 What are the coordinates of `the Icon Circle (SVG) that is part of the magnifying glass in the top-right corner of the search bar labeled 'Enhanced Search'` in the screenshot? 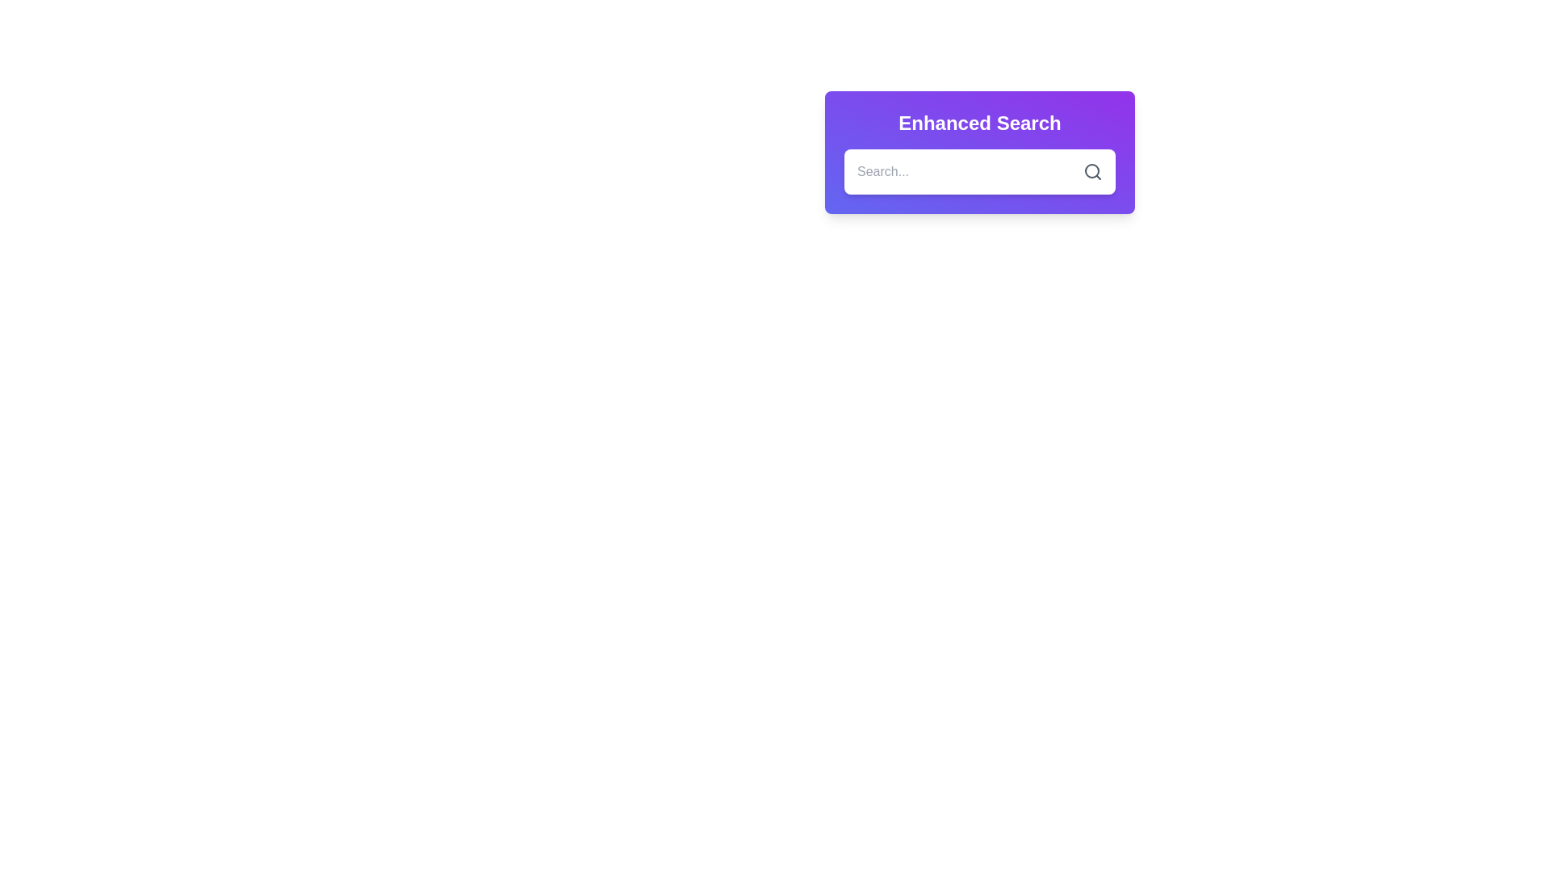 It's located at (1092, 171).